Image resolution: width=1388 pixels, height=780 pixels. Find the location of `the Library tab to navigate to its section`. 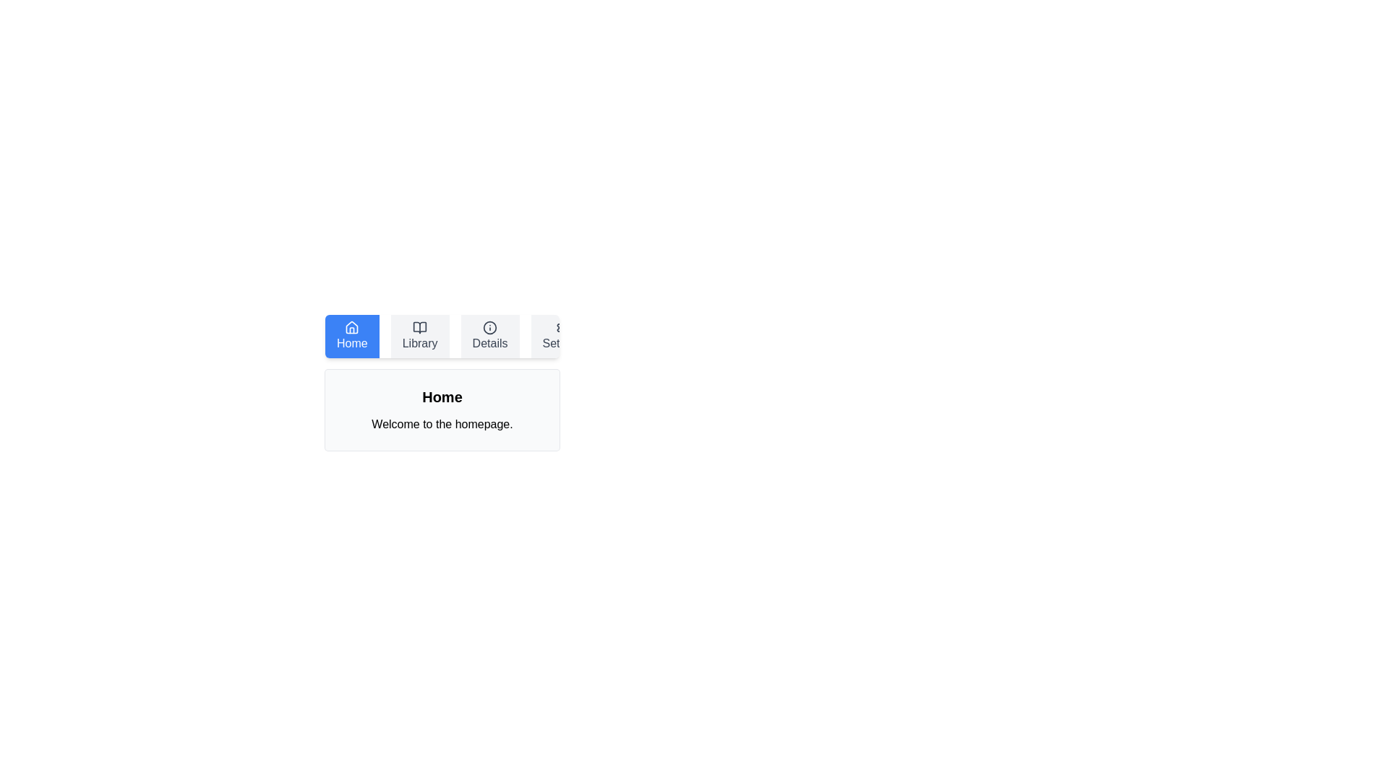

the Library tab to navigate to its section is located at coordinates (419, 337).